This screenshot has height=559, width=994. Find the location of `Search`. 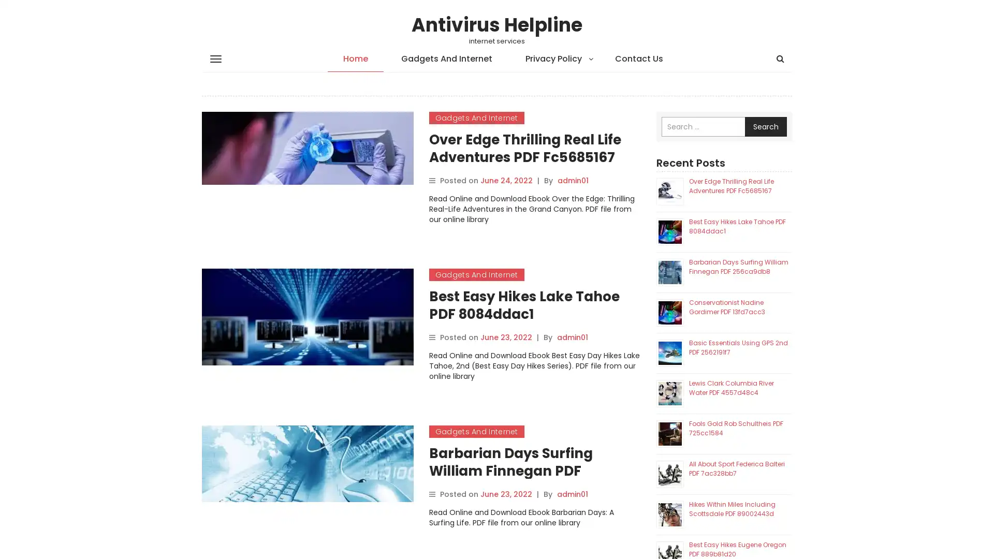

Search is located at coordinates (766, 126).